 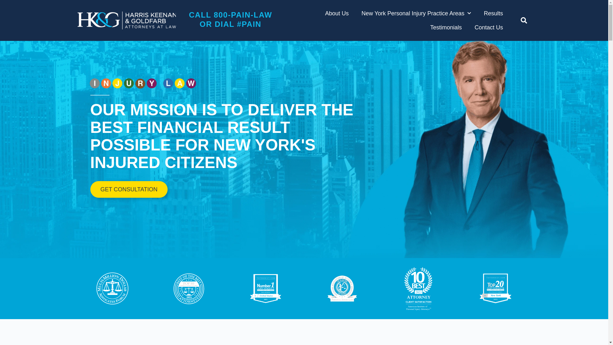 What do you see at coordinates (493, 13) in the screenshot?
I see `'Results'` at bounding box center [493, 13].